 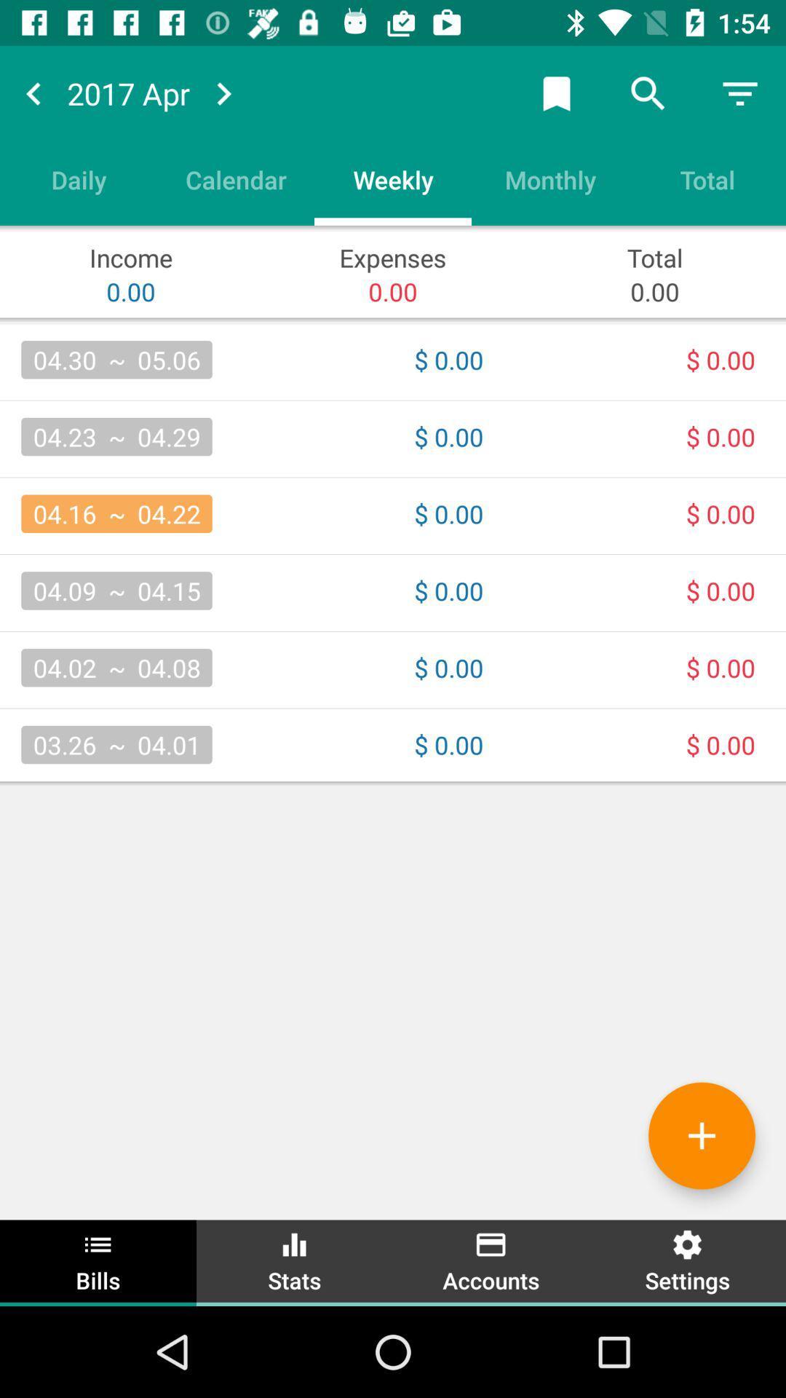 I want to click on menu, so click(x=740, y=92).